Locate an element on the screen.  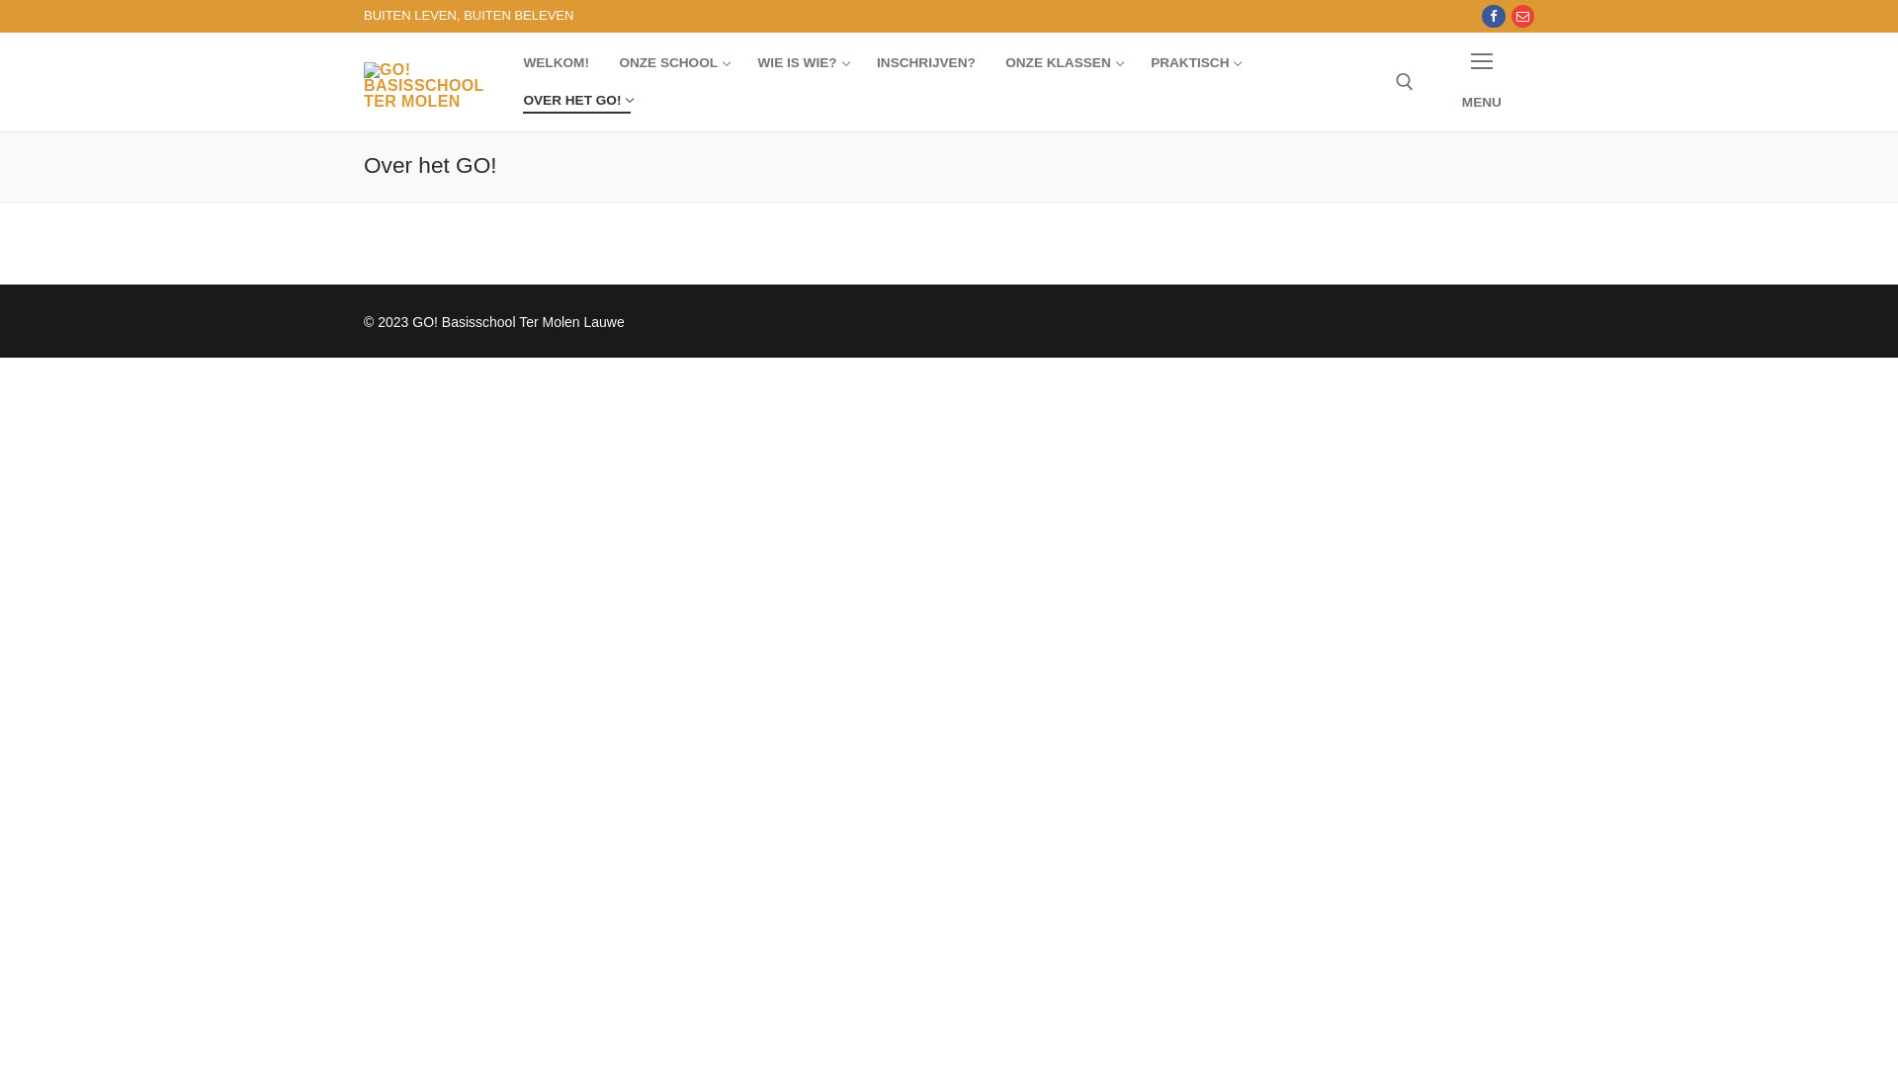
'ONZE KLASSEN is located at coordinates (992, 62).